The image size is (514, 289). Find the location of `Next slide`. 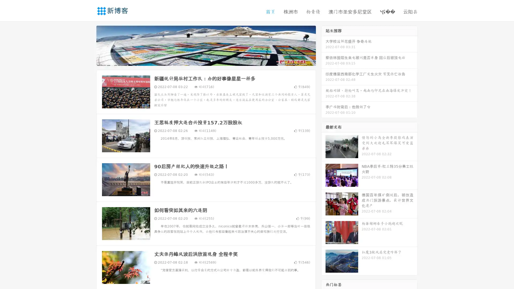

Next slide is located at coordinates (323, 45).